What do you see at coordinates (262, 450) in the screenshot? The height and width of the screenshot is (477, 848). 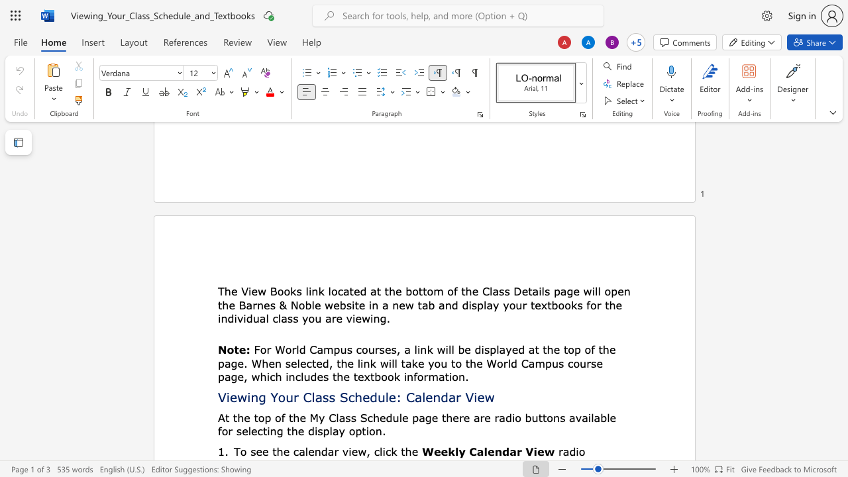 I see `the space between the continuous character "e" and "e" in the text` at bounding box center [262, 450].